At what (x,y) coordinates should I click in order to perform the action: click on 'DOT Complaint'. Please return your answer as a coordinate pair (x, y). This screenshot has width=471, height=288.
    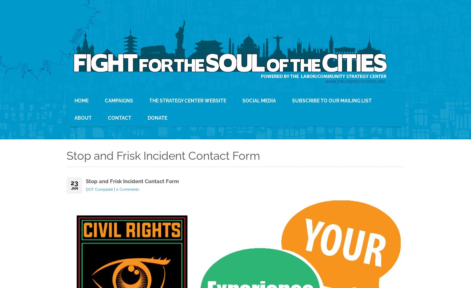
    Looking at the image, I should click on (99, 189).